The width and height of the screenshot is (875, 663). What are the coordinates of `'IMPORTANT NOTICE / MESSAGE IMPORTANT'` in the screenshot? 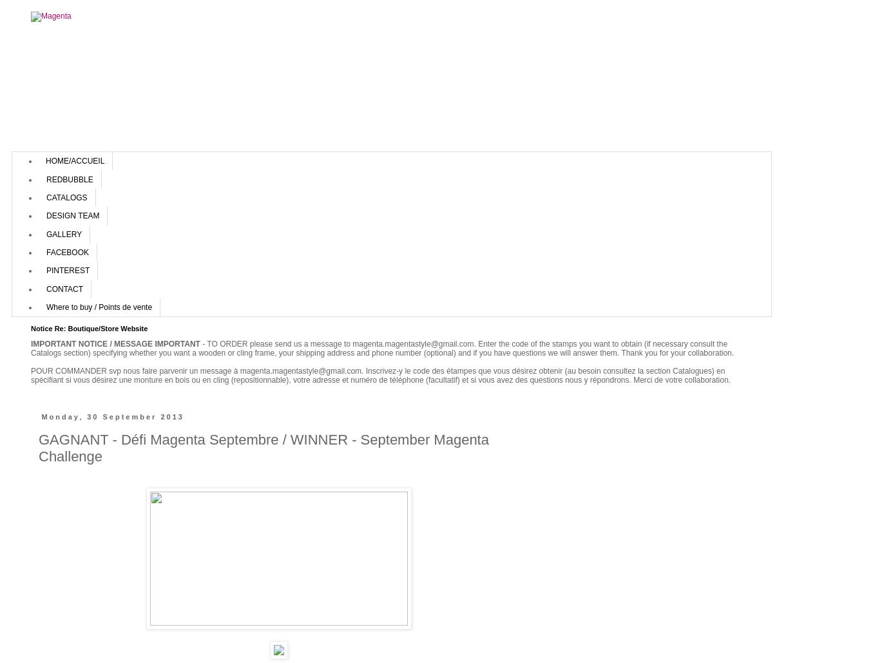 It's located at (117, 343).